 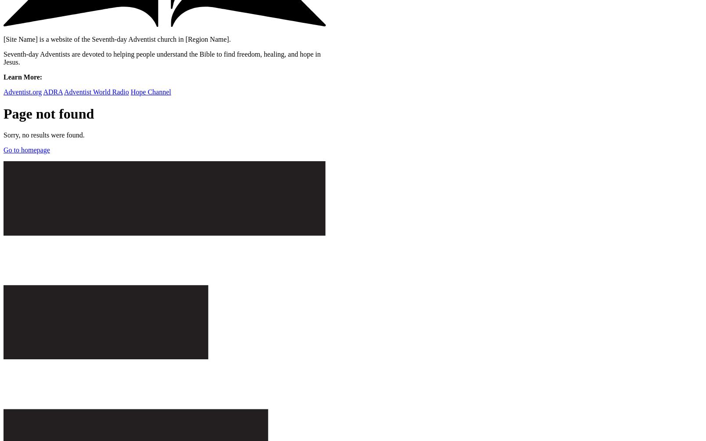 I want to click on 'Page not found', so click(x=48, y=113).